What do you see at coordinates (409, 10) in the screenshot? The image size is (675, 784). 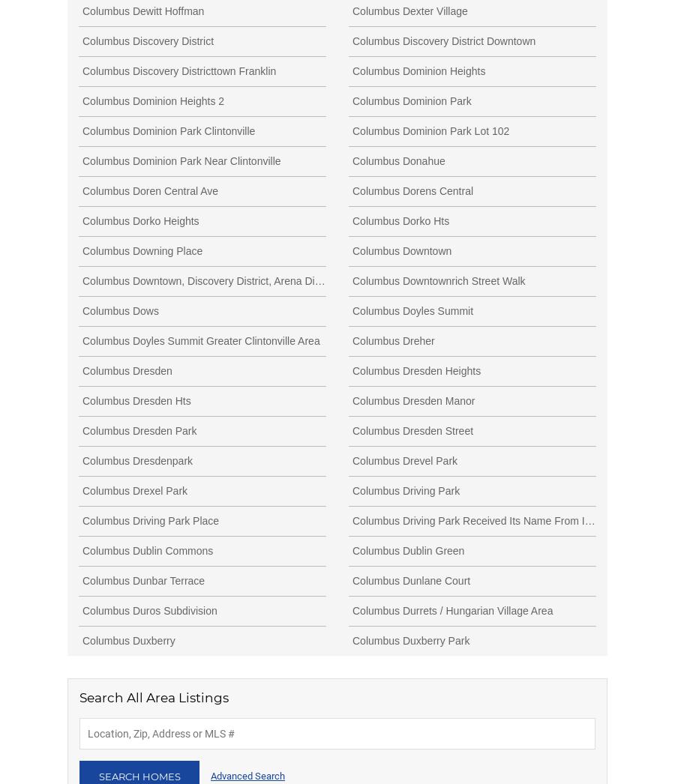 I see `'Columbus Dexter Village'` at bounding box center [409, 10].